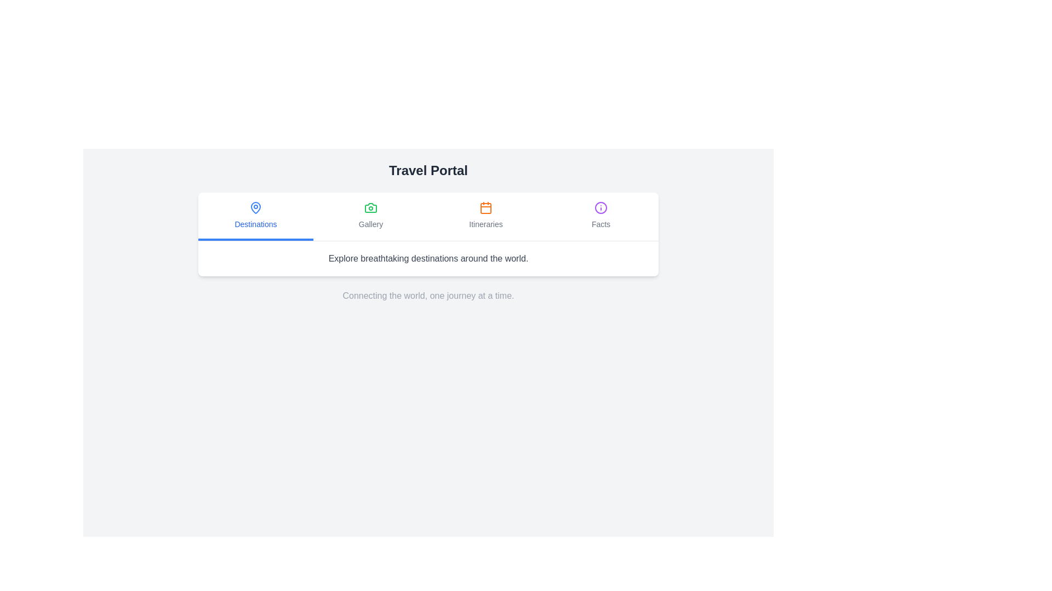 The image size is (1052, 591). Describe the element at coordinates (485, 215) in the screenshot. I see `the 'Itineraries' button with an orange calendar icon in the navigation bar` at that location.